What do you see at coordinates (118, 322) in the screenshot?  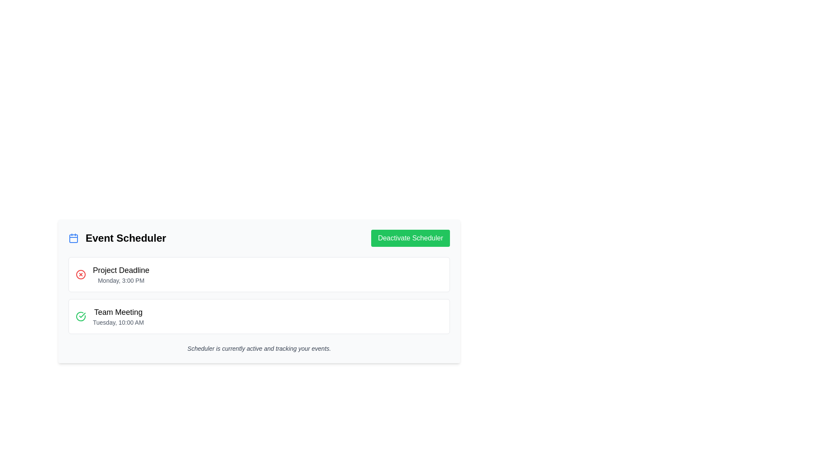 I see `text content of the label displaying 'Tuesday, 10:00 AM', which is styled in a smaller font size and light gray color, located below 'Team Meeting' in the scheduling interface` at bounding box center [118, 322].